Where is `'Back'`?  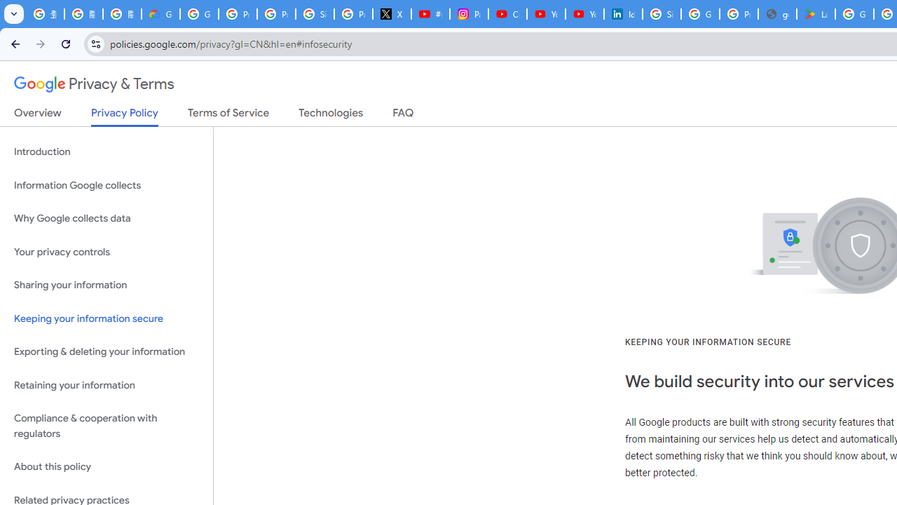
'Back' is located at coordinates (13, 43).